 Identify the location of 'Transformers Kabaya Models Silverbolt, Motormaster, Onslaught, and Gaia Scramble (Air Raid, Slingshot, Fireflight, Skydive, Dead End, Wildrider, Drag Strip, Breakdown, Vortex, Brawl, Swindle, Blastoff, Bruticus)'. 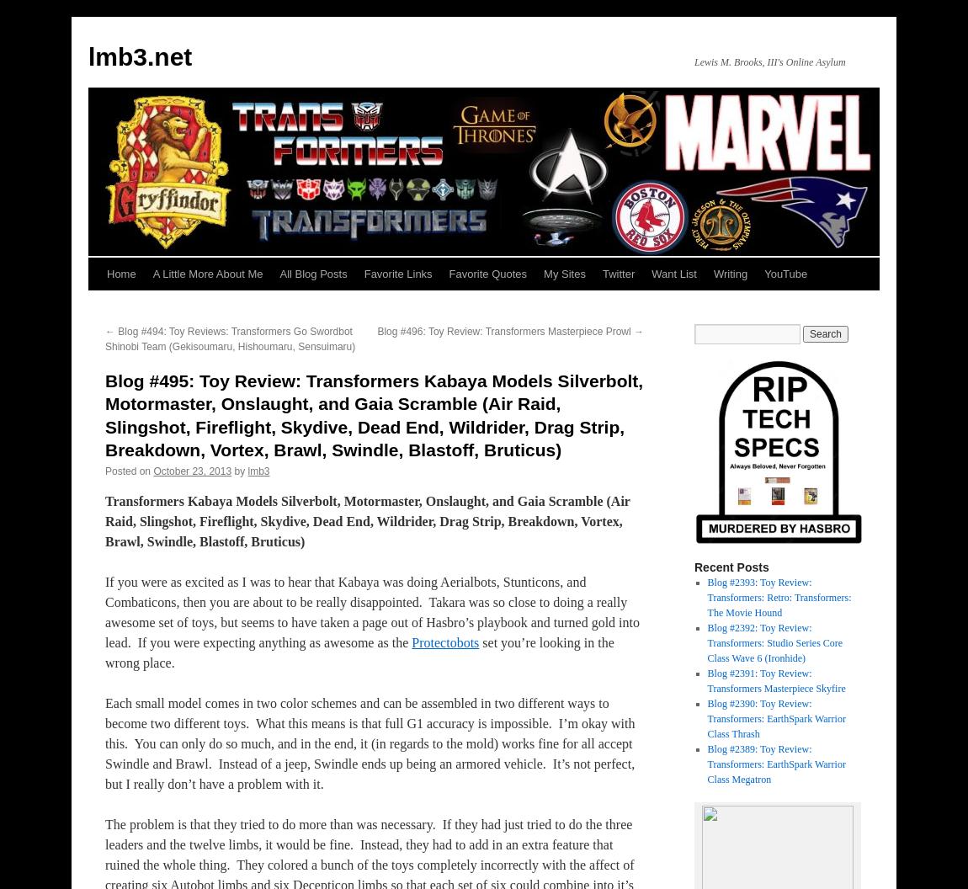
(367, 520).